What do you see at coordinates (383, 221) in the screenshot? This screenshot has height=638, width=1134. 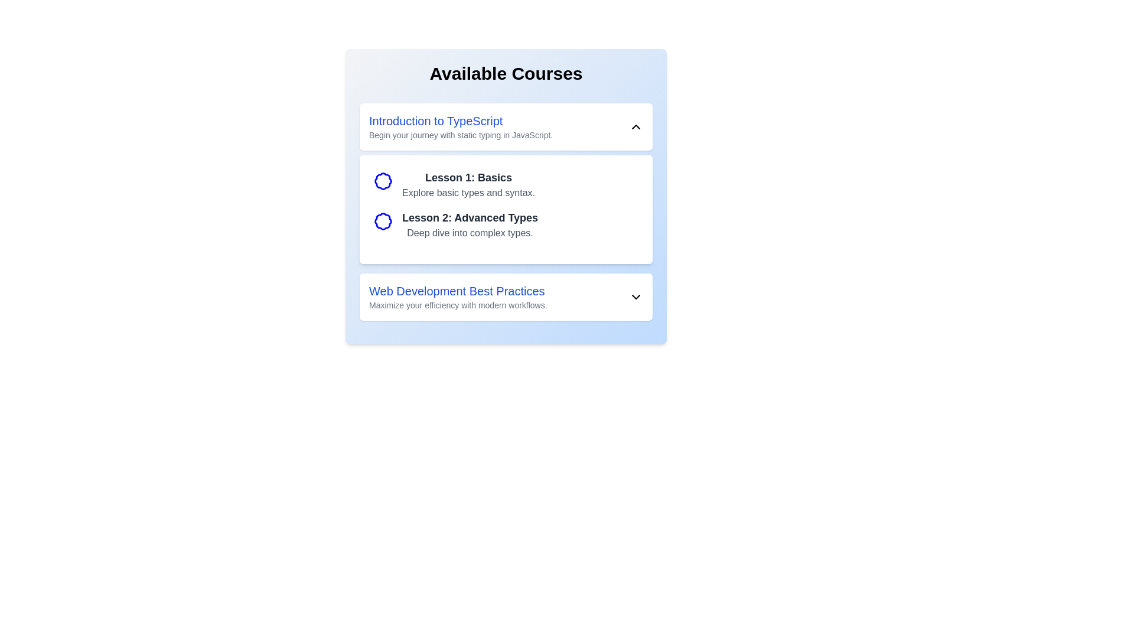 I see `the circular badge icon with a blue stroke outline, styled with scalloped edges, located to the left of the text 'Lesson 2: Advanced Types' in the second course card` at bounding box center [383, 221].